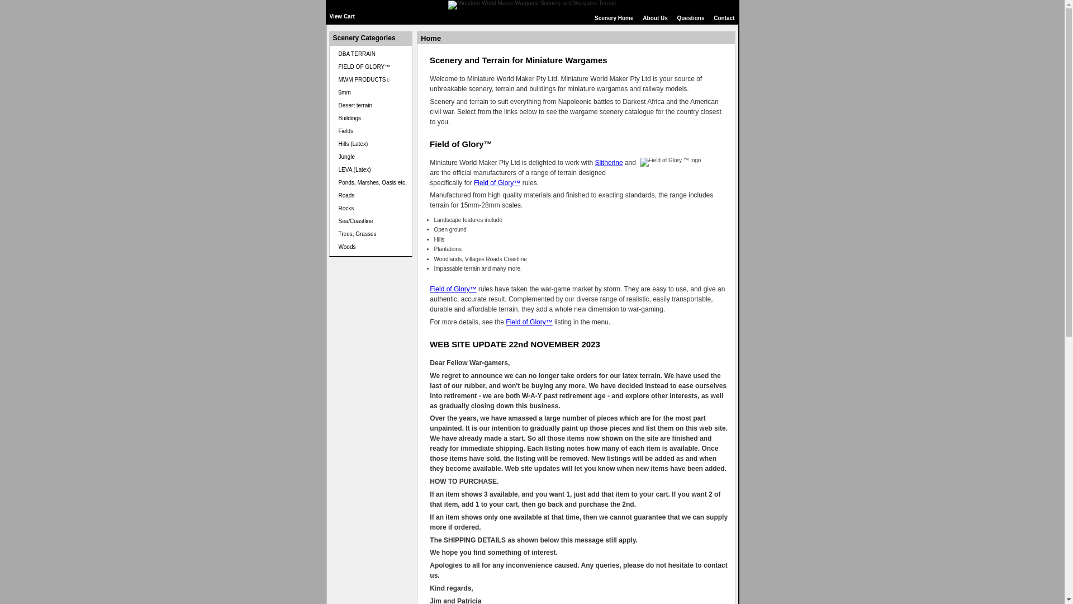 This screenshot has height=604, width=1073. I want to click on 'Slitherine', so click(608, 162).